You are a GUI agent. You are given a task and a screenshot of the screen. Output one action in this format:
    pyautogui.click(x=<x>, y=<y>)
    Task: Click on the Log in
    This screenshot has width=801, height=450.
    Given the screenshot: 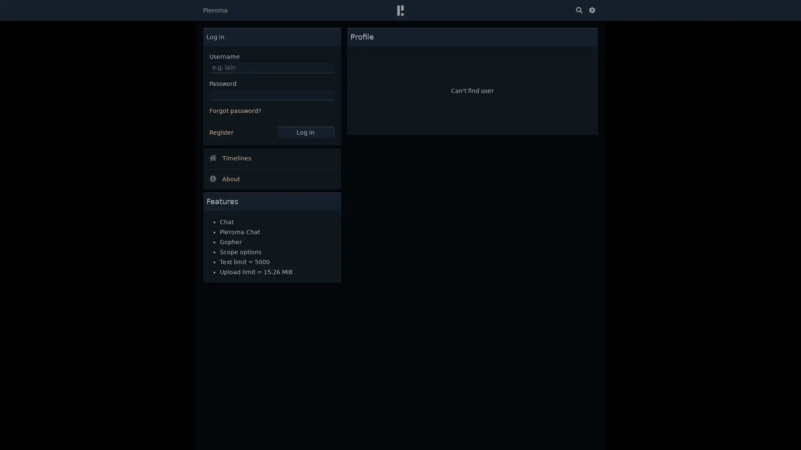 What is the action you would take?
    pyautogui.click(x=305, y=132)
    